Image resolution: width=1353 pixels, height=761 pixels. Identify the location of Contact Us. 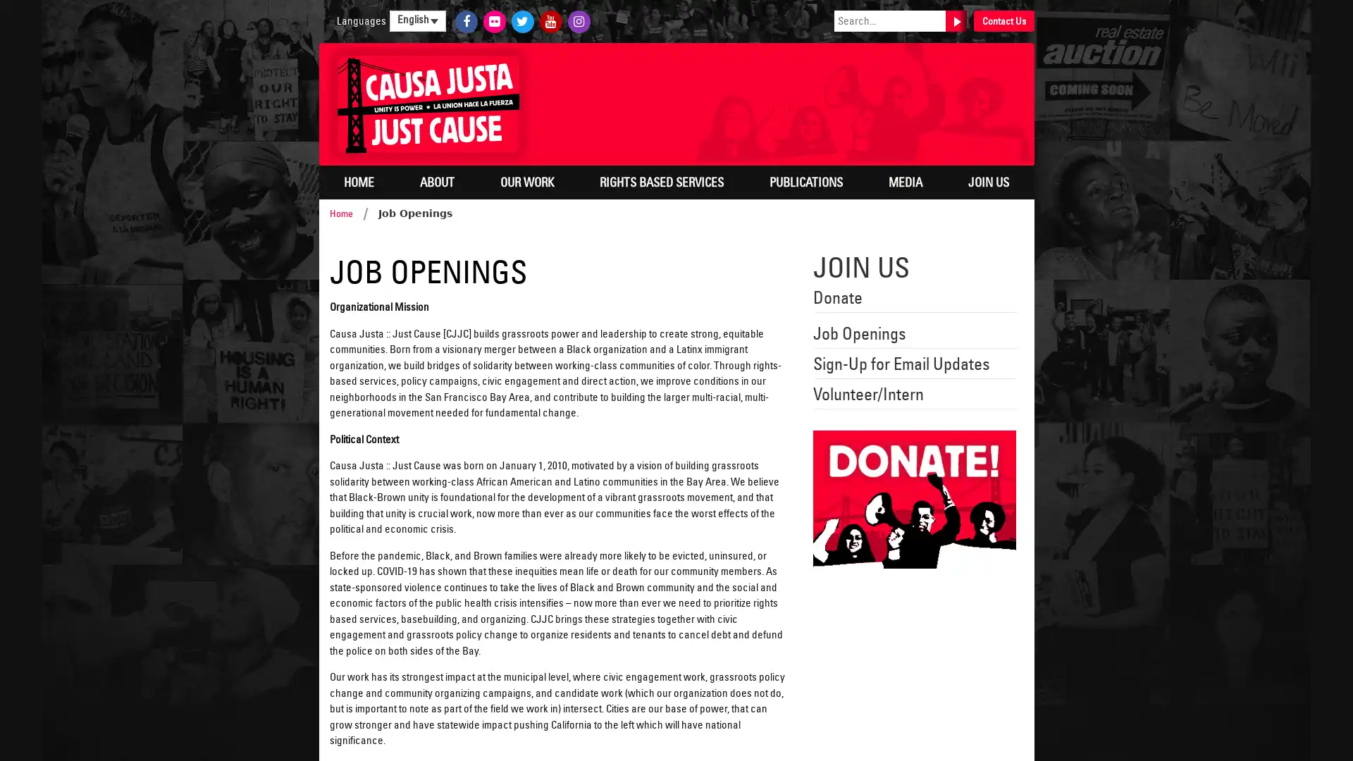
(1003, 21).